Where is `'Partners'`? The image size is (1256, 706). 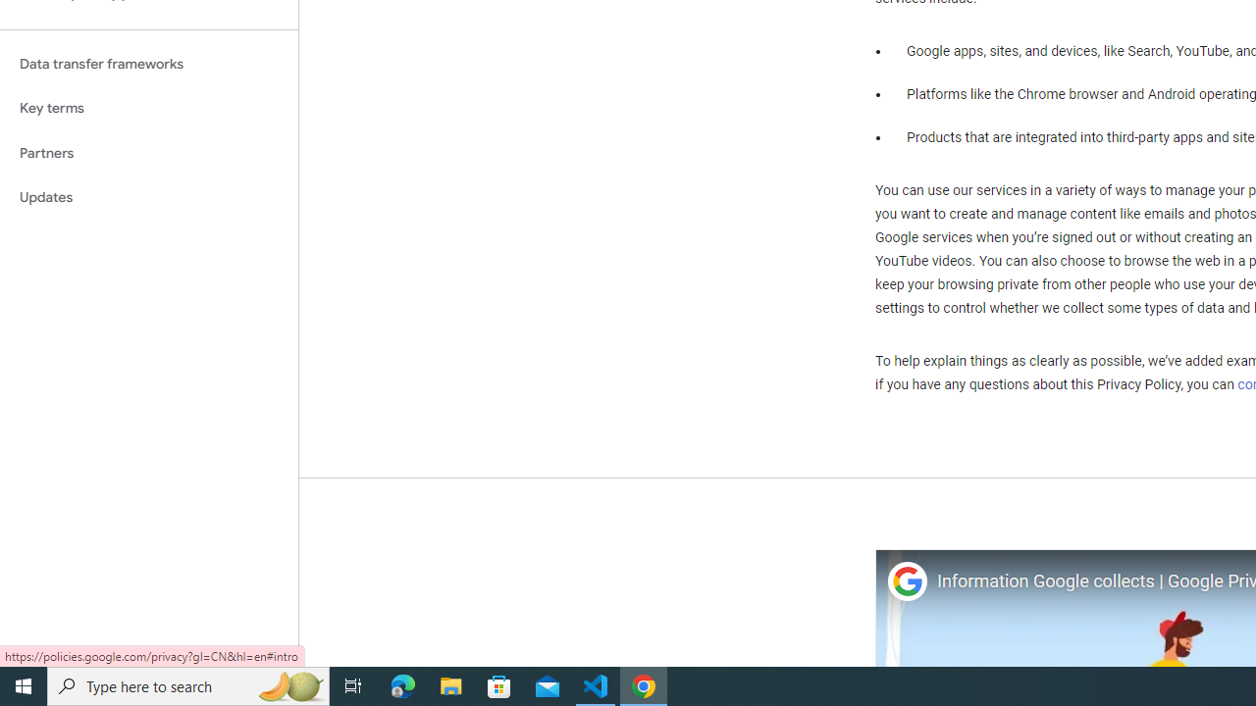
'Partners' is located at coordinates (148, 152).